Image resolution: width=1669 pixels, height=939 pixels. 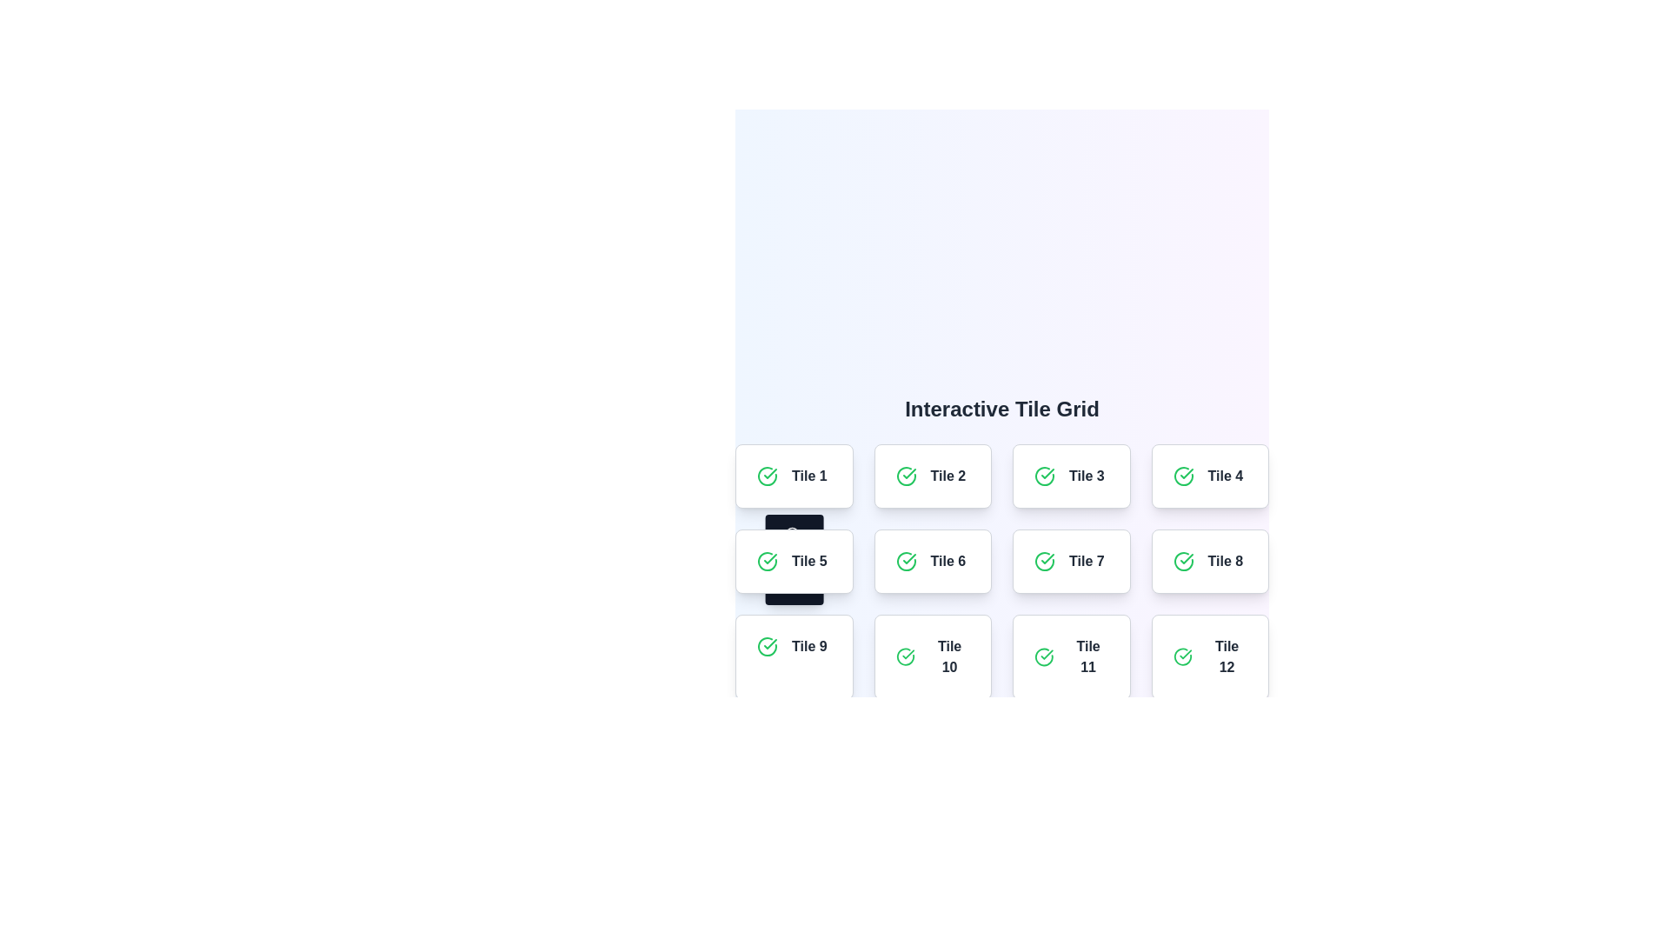 What do you see at coordinates (1182, 476) in the screenshot?
I see `the green circular checkmark icon located to the left of the 'Tile 4' label in the top right section of the grid layout` at bounding box center [1182, 476].